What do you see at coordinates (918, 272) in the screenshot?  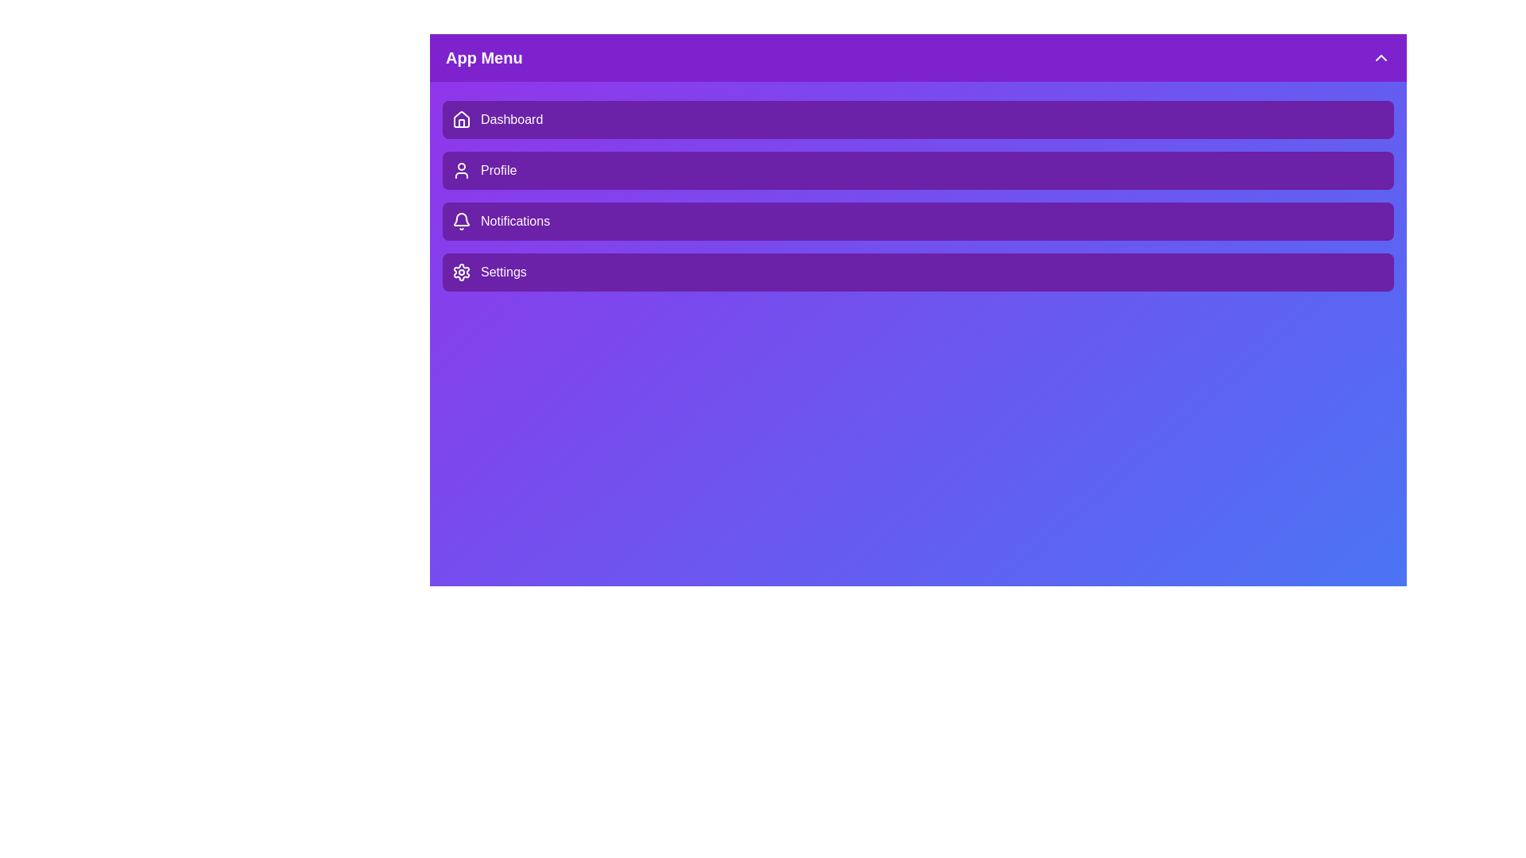 I see `the menu item Settings by clicking on it` at bounding box center [918, 272].